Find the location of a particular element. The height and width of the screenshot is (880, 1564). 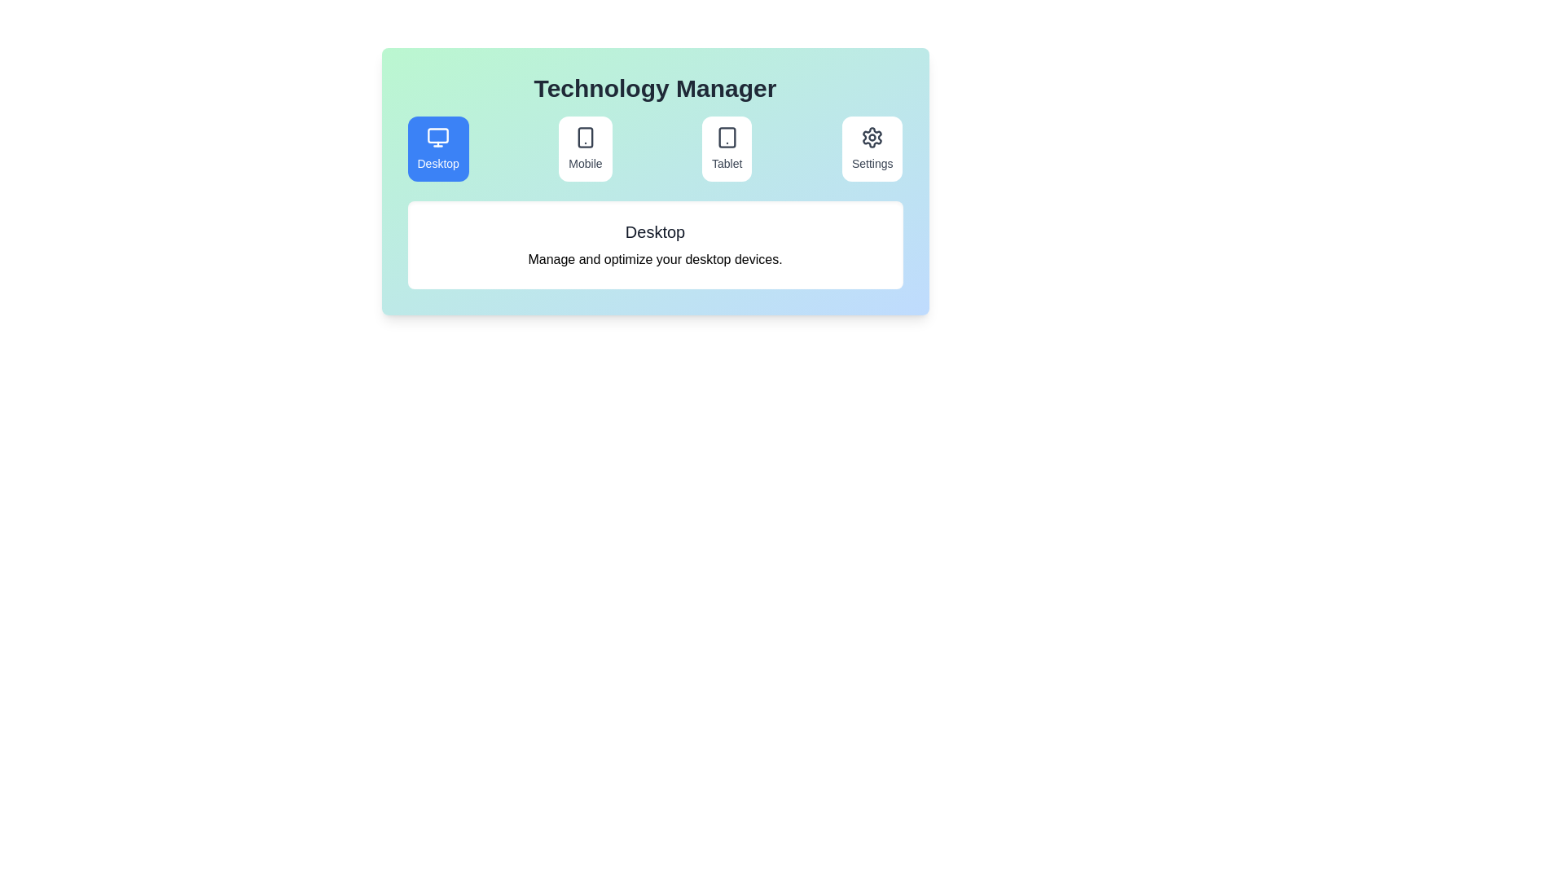

the Settings tab to switch to its section is located at coordinates (871, 148).